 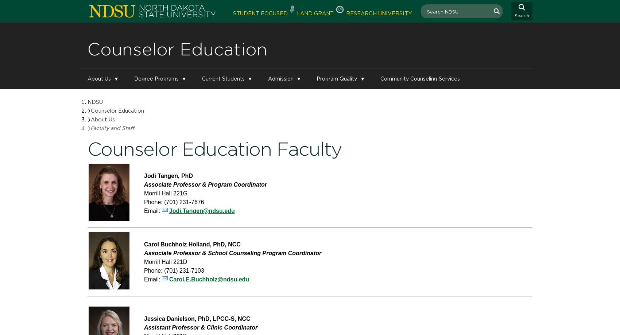 I want to click on '(701) 231-7676', so click(x=184, y=202).